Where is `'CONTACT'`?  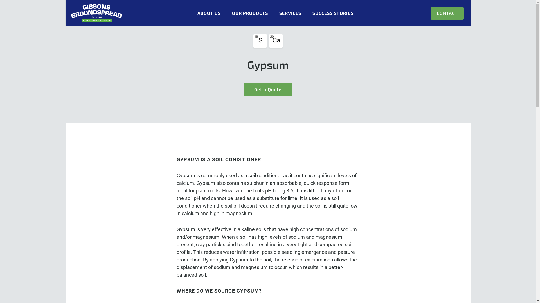 'CONTACT' is located at coordinates (446, 13).